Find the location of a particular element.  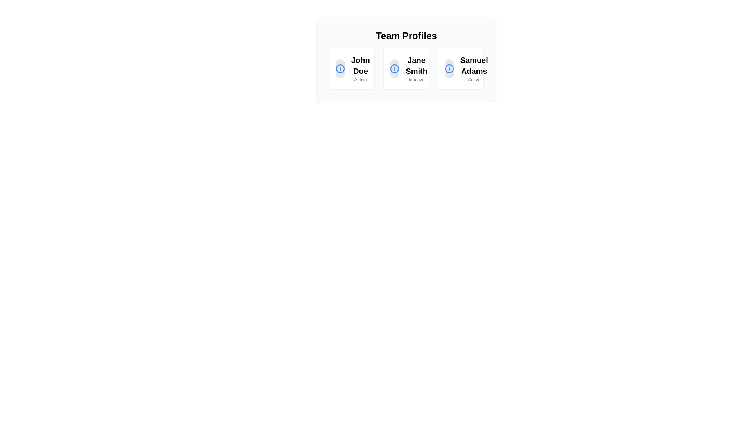

the bold text label component displaying 'Jane Smith' located in the central profile card above the 'Inactive' label is located at coordinates (416, 65).